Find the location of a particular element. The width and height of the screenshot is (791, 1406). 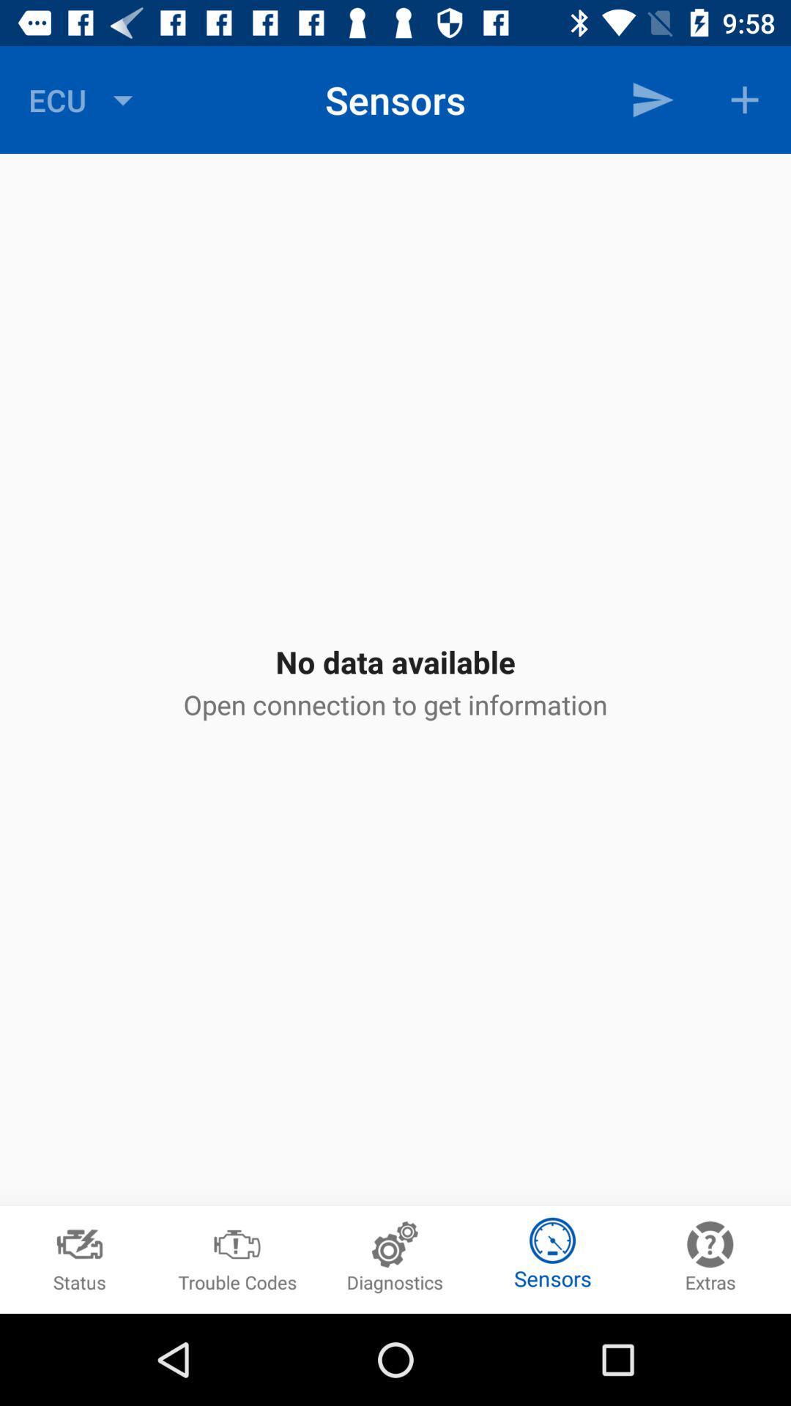

ecu icon is located at coordinates (84, 99).